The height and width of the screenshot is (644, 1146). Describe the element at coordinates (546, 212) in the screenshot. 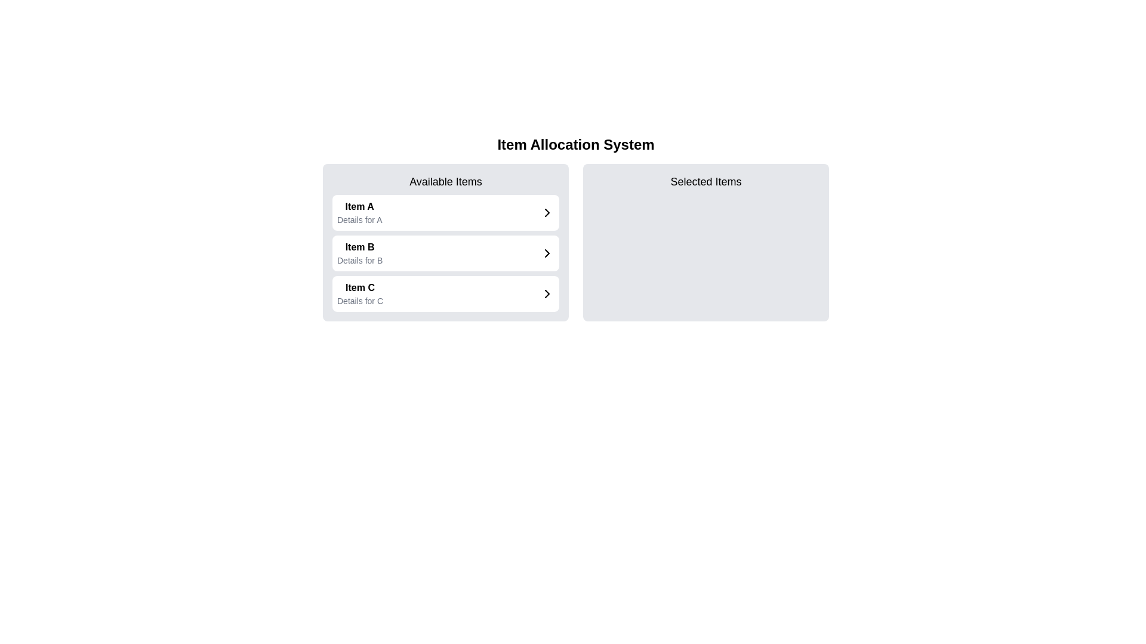

I see `the small triangular arrow-like icon pointing to the right, located at the far right of the first row under 'Available Items'` at that location.